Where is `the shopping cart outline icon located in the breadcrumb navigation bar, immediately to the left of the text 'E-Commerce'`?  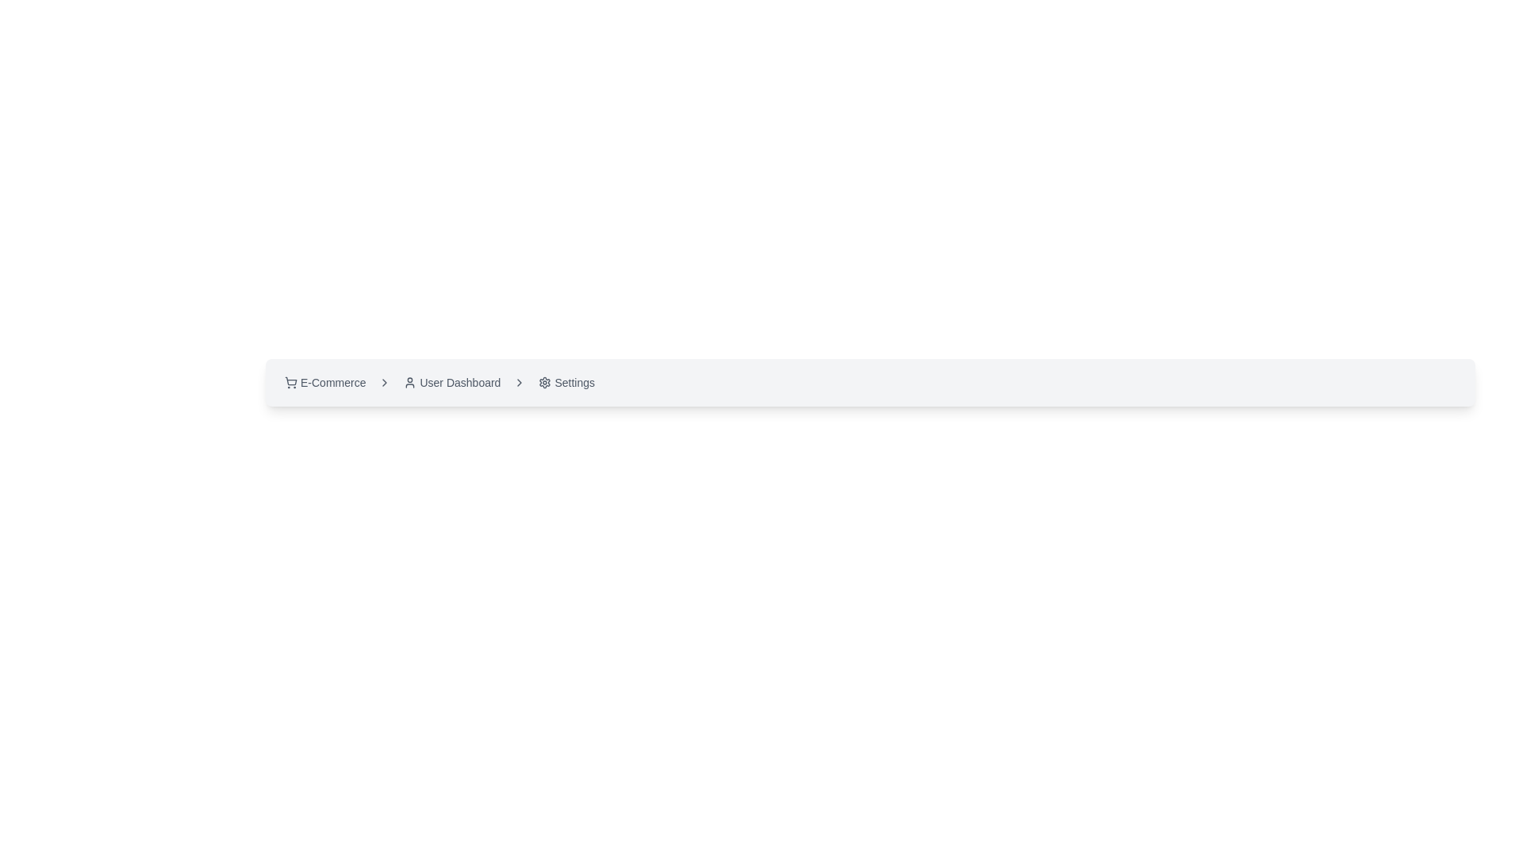
the shopping cart outline icon located in the breadcrumb navigation bar, immediately to the left of the text 'E-Commerce' is located at coordinates (290, 381).